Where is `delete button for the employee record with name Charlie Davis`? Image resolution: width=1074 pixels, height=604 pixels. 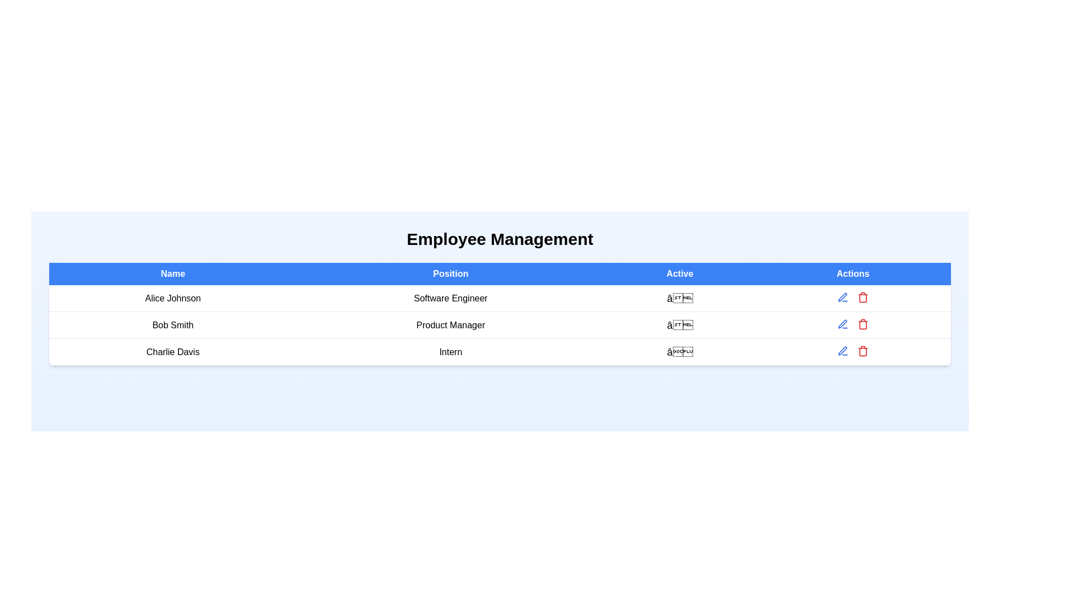
delete button for the employee record with name Charlie Davis is located at coordinates (863, 351).